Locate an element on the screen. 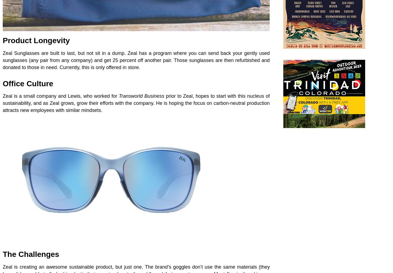  'Transworld Business' is located at coordinates (140, 96).